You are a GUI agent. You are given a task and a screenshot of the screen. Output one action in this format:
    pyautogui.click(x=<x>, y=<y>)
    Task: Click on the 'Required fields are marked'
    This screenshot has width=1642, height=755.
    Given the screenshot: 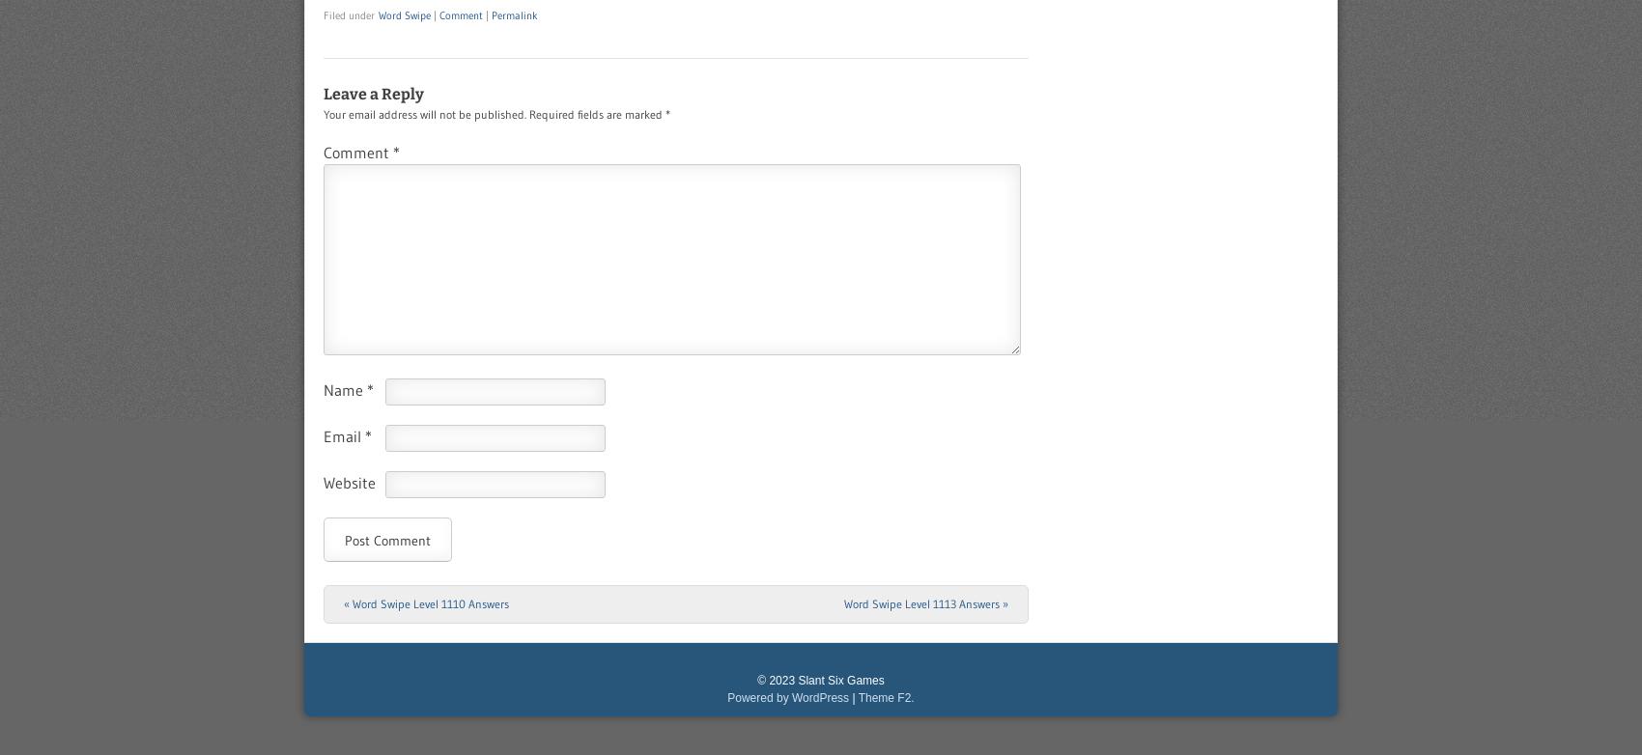 What is the action you would take?
    pyautogui.click(x=528, y=114)
    